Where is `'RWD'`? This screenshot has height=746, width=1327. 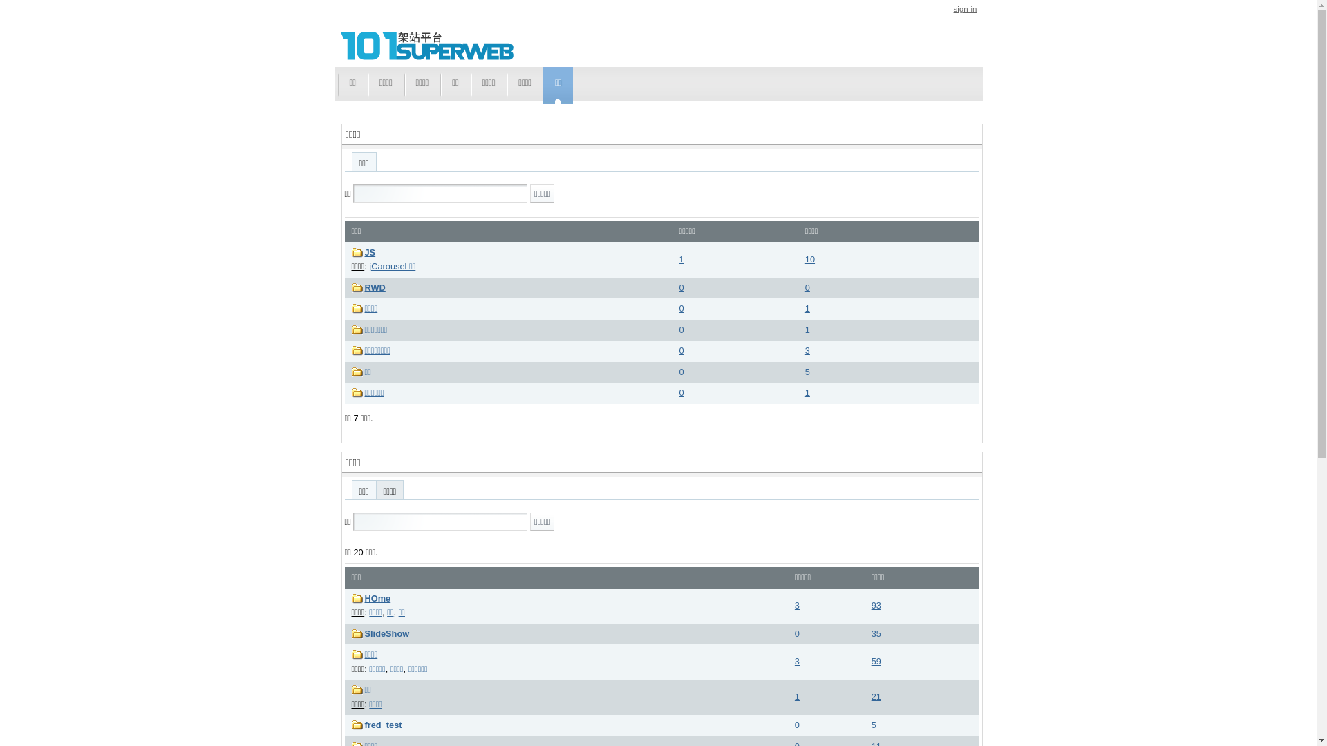 'RWD' is located at coordinates (375, 287).